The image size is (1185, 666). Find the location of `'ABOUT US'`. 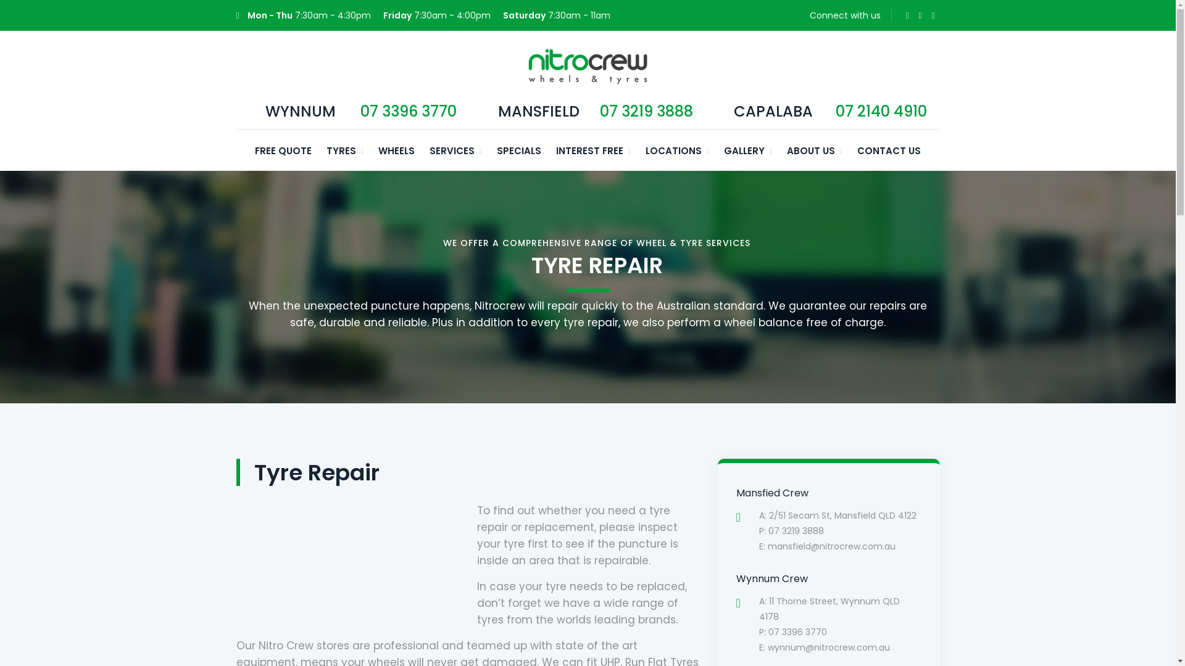

'ABOUT US' is located at coordinates (815, 149).